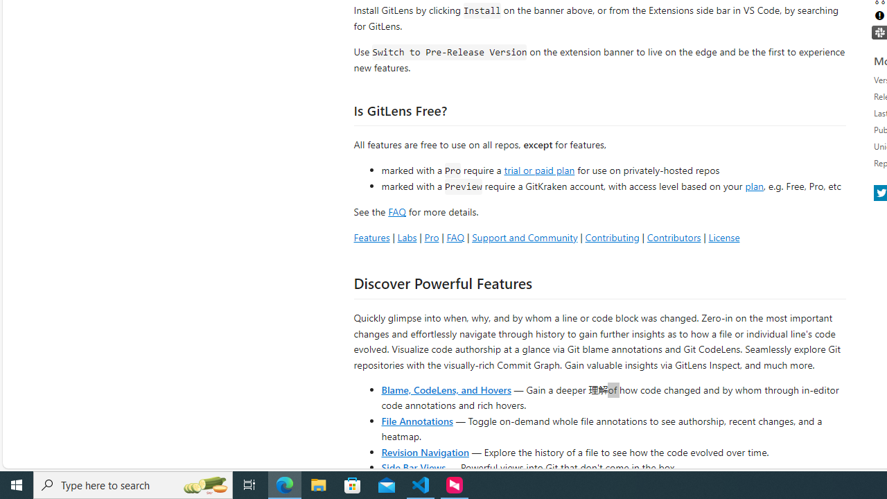 Image resolution: width=887 pixels, height=499 pixels. Describe the element at coordinates (455, 236) in the screenshot. I see `'FAQ'` at that location.